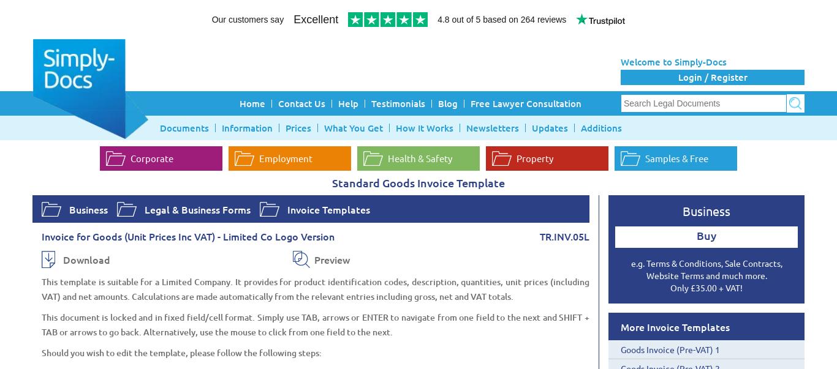 This screenshot has height=369, width=837. Describe the element at coordinates (706, 235) in the screenshot. I see `'Buy'` at that location.